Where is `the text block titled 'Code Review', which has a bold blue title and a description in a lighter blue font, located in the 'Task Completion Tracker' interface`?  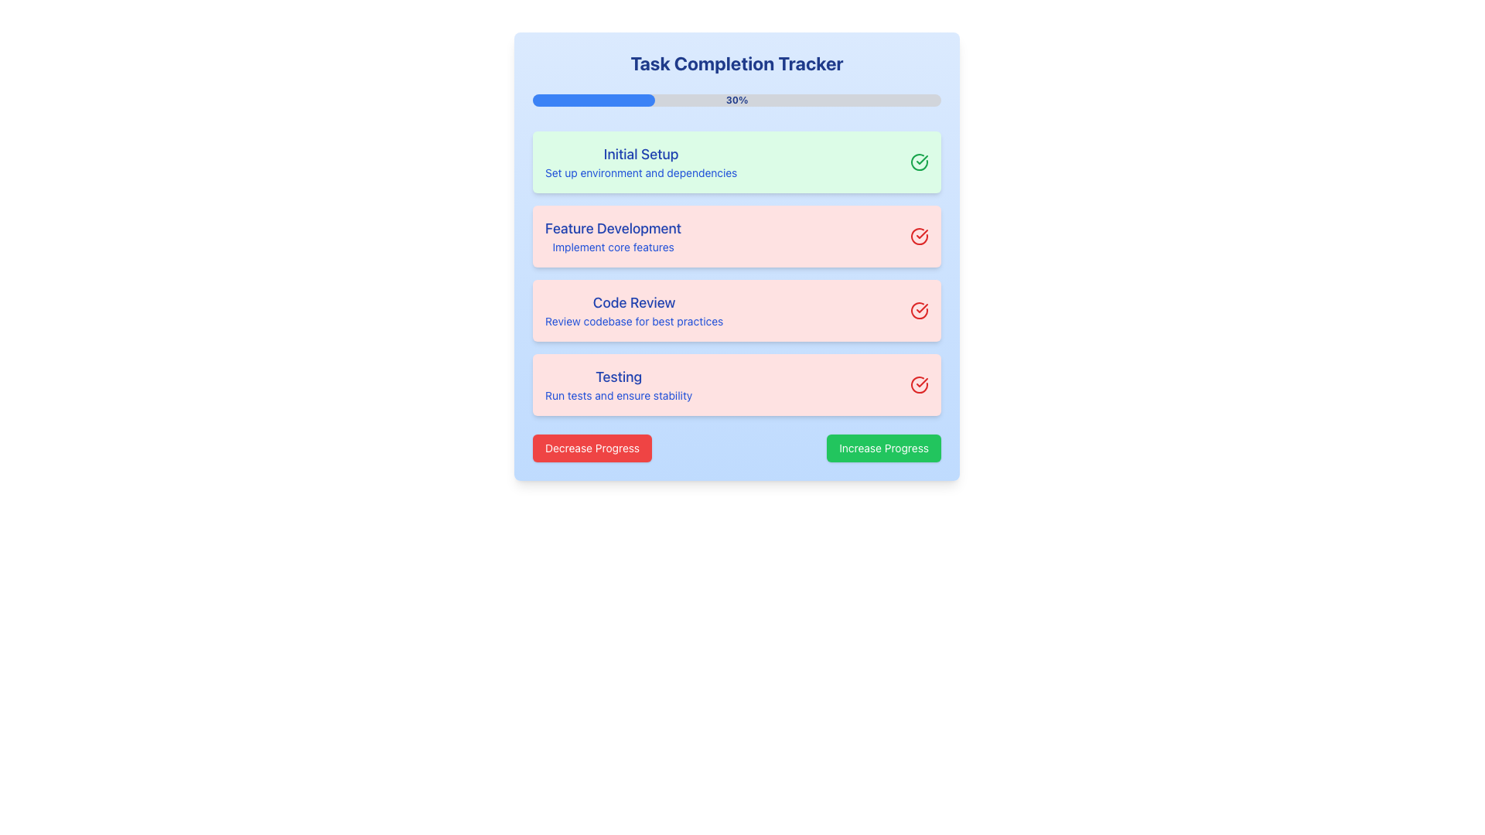
the text block titled 'Code Review', which has a bold blue title and a description in a lighter blue font, located in the 'Task Completion Tracker' interface is located at coordinates (634, 310).